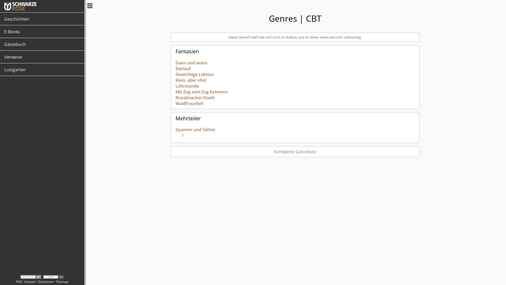  What do you see at coordinates (30, 277) in the screenshot?
I see `'Jugendschutzprogramm'` at bounding box center [30, 277].